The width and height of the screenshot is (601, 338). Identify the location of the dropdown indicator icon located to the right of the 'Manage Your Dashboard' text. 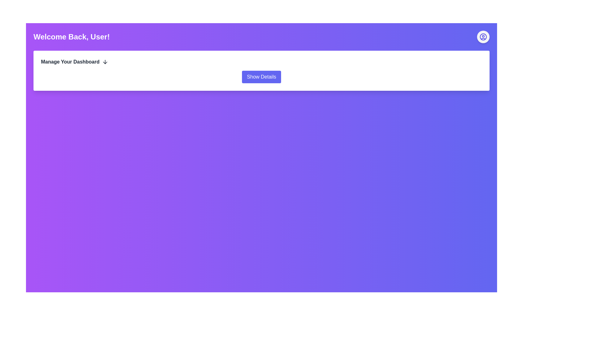
(105, 62).